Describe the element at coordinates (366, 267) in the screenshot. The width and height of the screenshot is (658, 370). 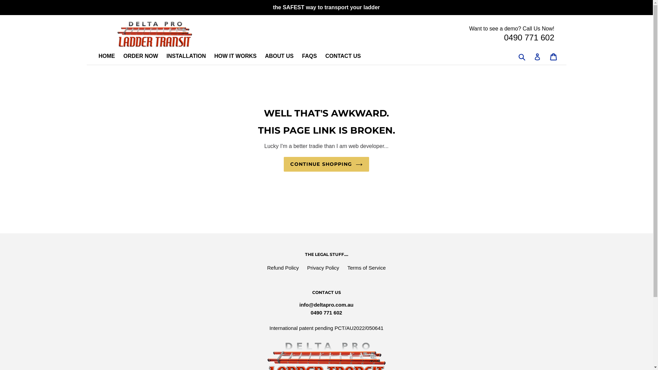
I see `'Terms of Service'` at that location.